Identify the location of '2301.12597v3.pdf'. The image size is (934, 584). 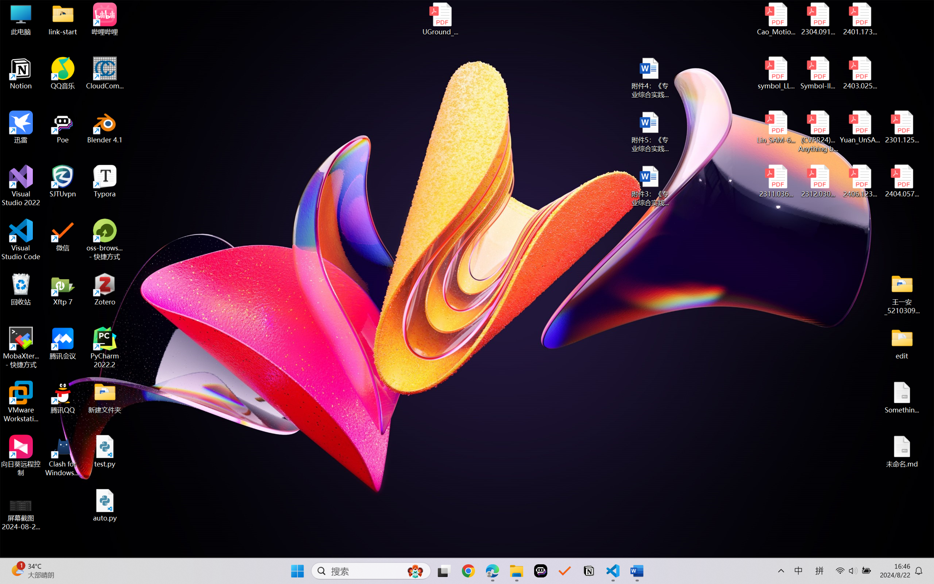
(901, 127).